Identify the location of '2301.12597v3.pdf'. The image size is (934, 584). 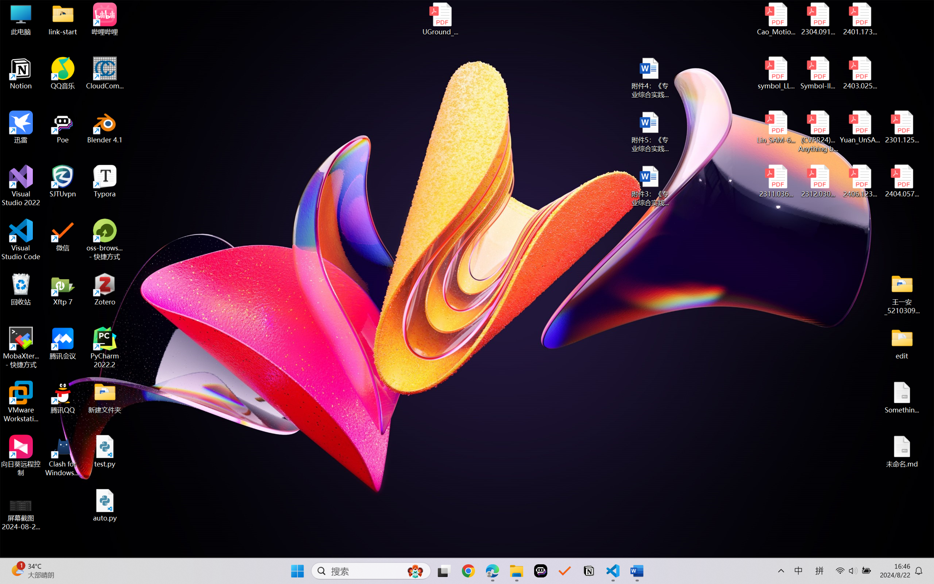
(901, 127).